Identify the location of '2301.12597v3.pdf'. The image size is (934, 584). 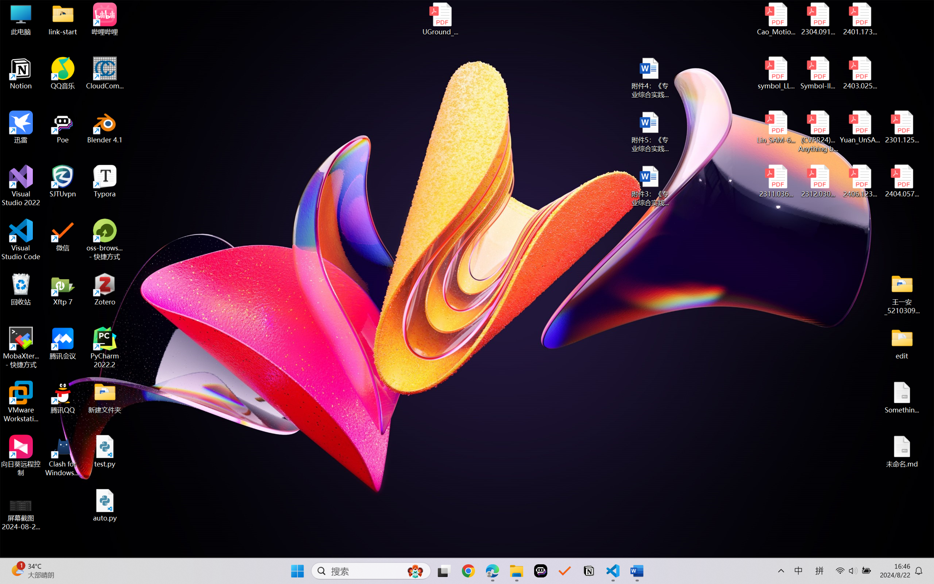
(901, 127).